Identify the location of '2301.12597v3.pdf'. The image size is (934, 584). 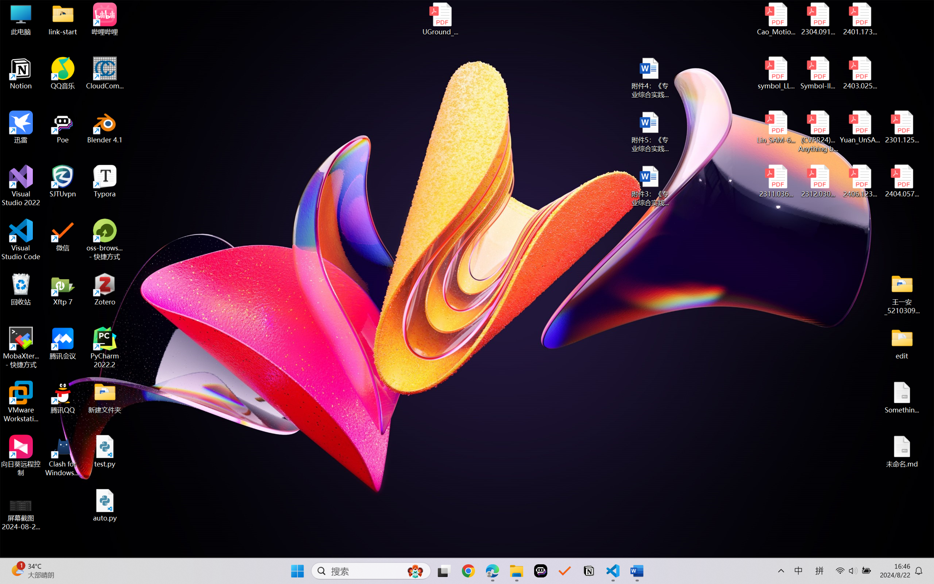
(901, 127).